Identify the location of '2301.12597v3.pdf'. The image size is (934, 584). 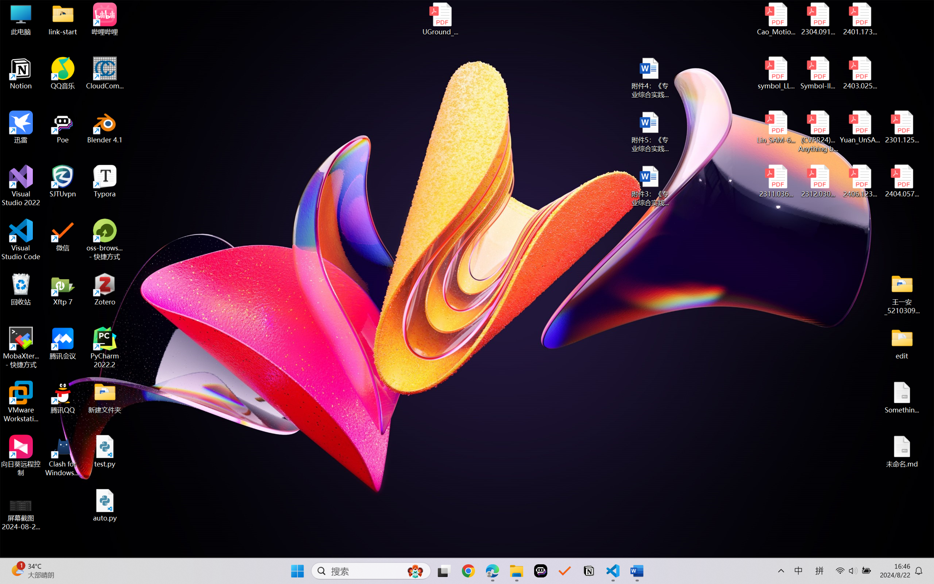
(901, 127).